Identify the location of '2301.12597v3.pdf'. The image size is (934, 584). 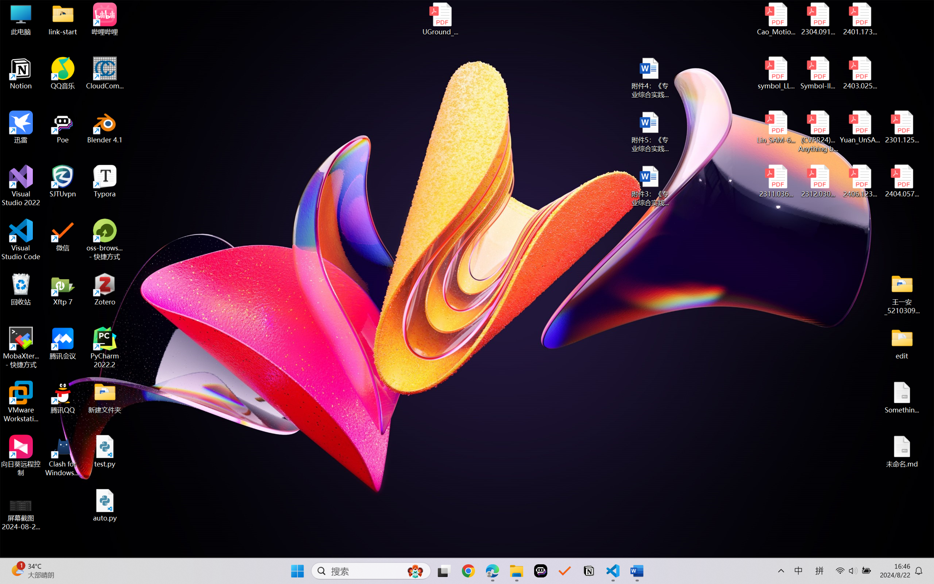
(901, 127).